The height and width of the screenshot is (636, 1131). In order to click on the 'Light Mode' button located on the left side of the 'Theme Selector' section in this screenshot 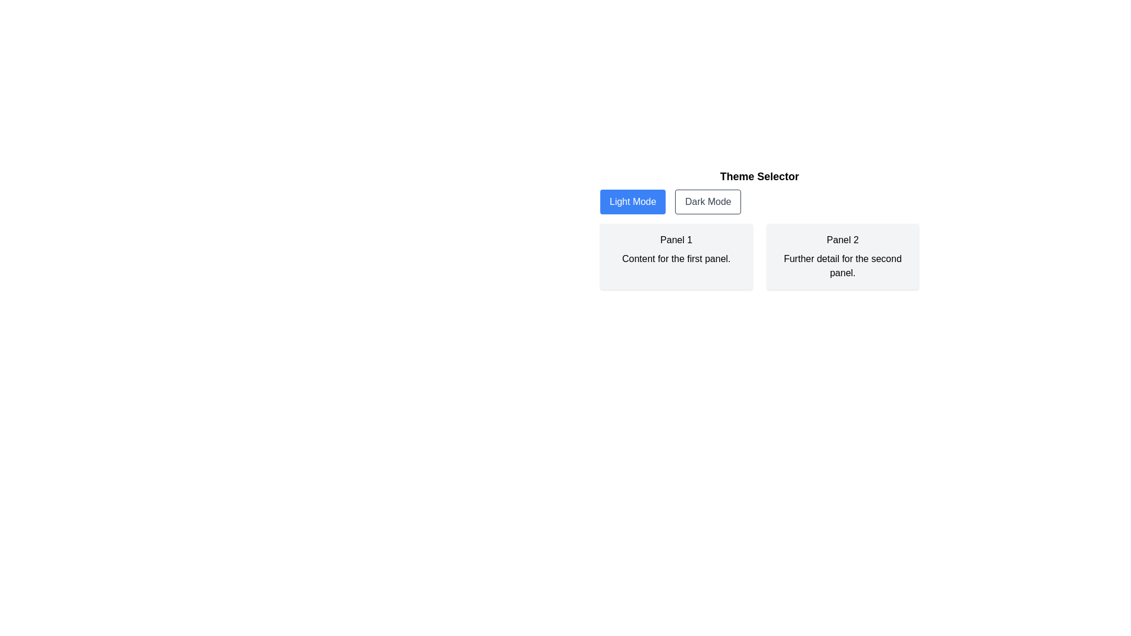, I will do `click(632, 201)`.